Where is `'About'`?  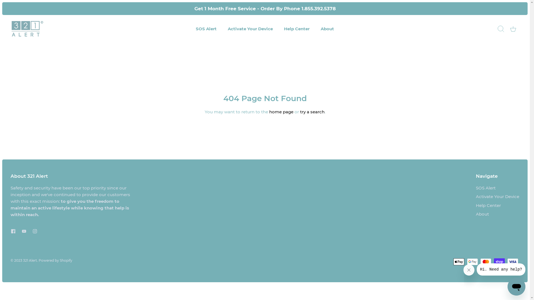
'About' is located at coordinates (482, 214).